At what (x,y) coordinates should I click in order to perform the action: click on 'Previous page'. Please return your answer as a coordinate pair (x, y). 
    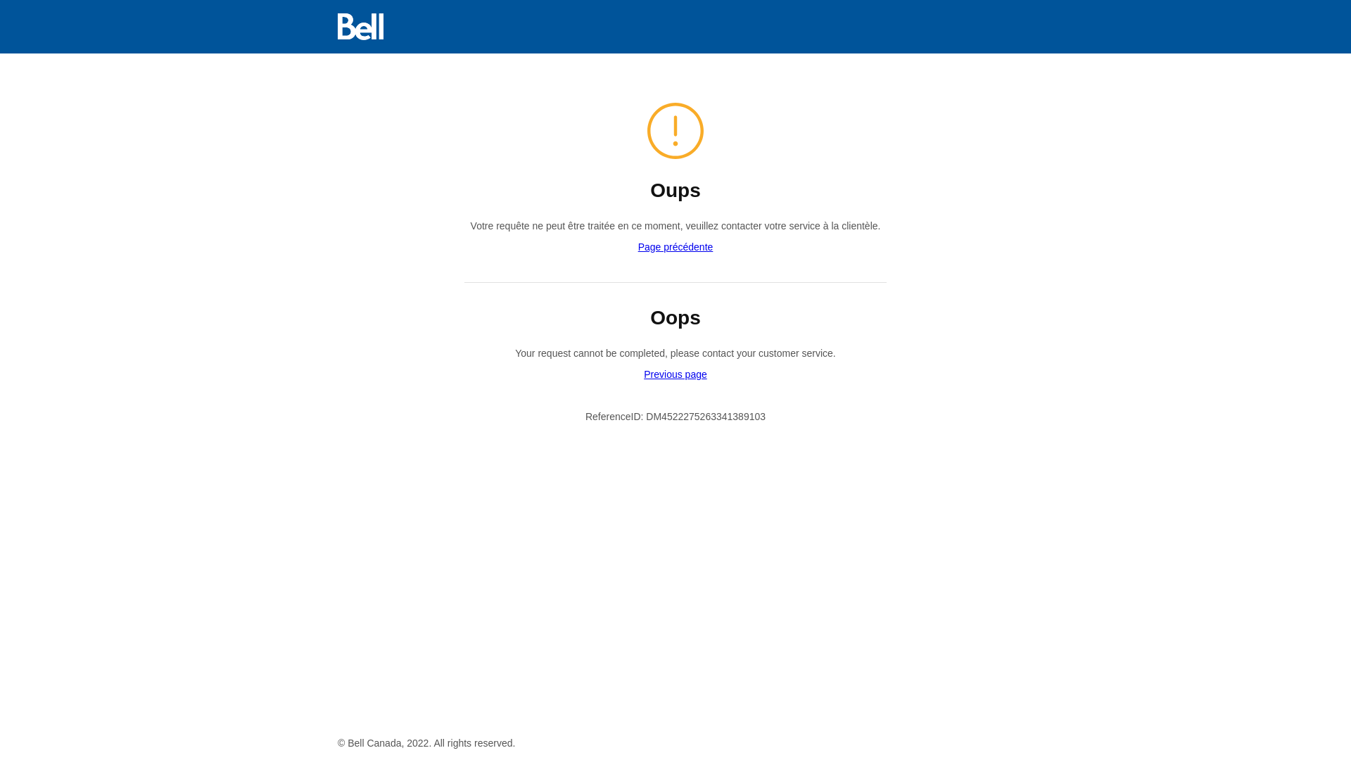
    Looking at the image, I should click on (675, 374).